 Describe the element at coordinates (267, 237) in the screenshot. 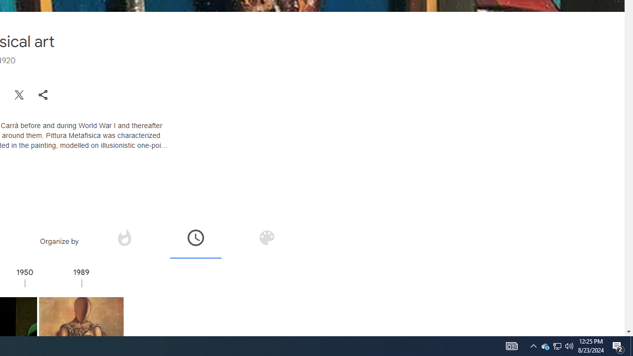

I see `'Organize by color'` at that location.